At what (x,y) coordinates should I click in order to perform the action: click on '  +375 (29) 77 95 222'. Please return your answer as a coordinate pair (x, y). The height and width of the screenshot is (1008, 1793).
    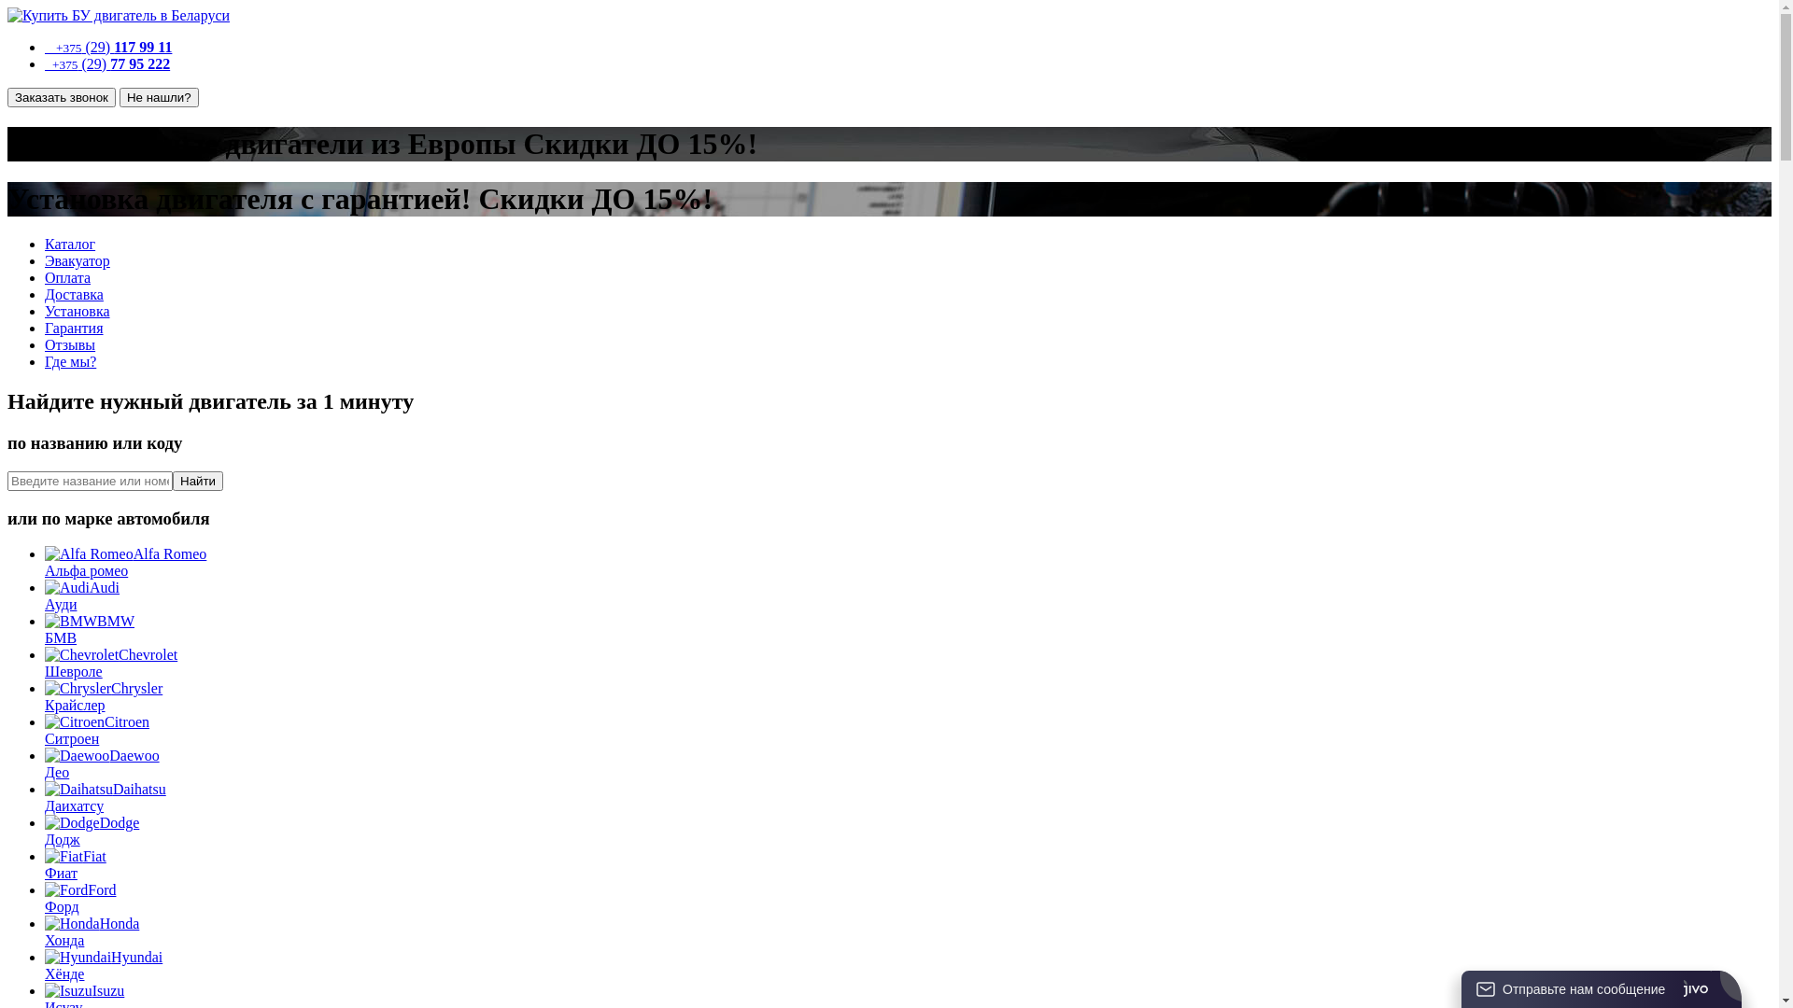
    Looking at the image, I should click on (106, 63).